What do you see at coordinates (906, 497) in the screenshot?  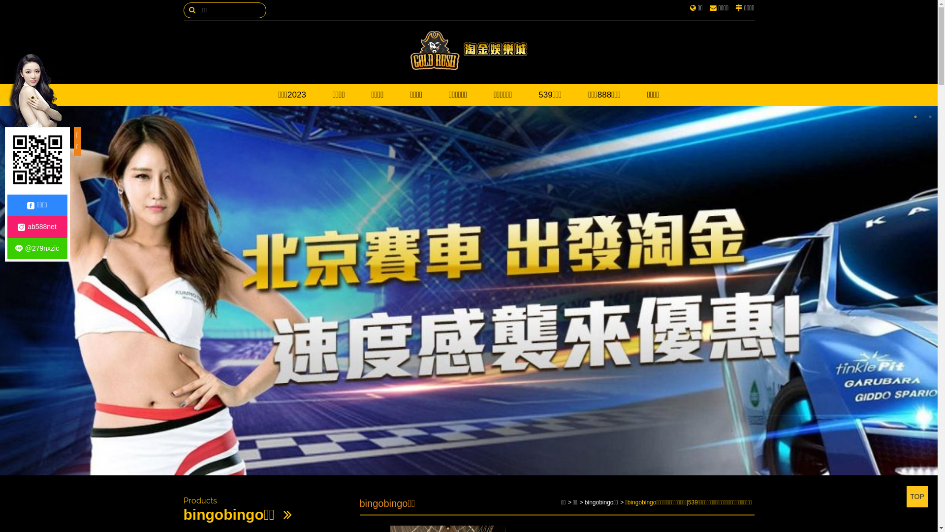 I see `'TOP'` at bounding box center [906, 497].